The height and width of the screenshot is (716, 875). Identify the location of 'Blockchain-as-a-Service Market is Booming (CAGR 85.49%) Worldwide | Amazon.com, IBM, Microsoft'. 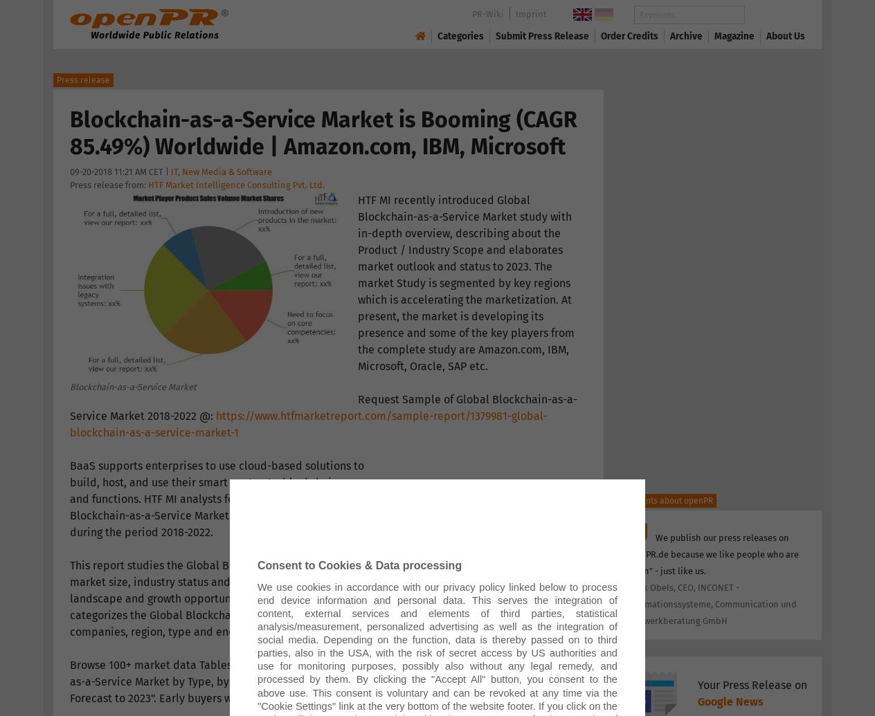
(323, 132).